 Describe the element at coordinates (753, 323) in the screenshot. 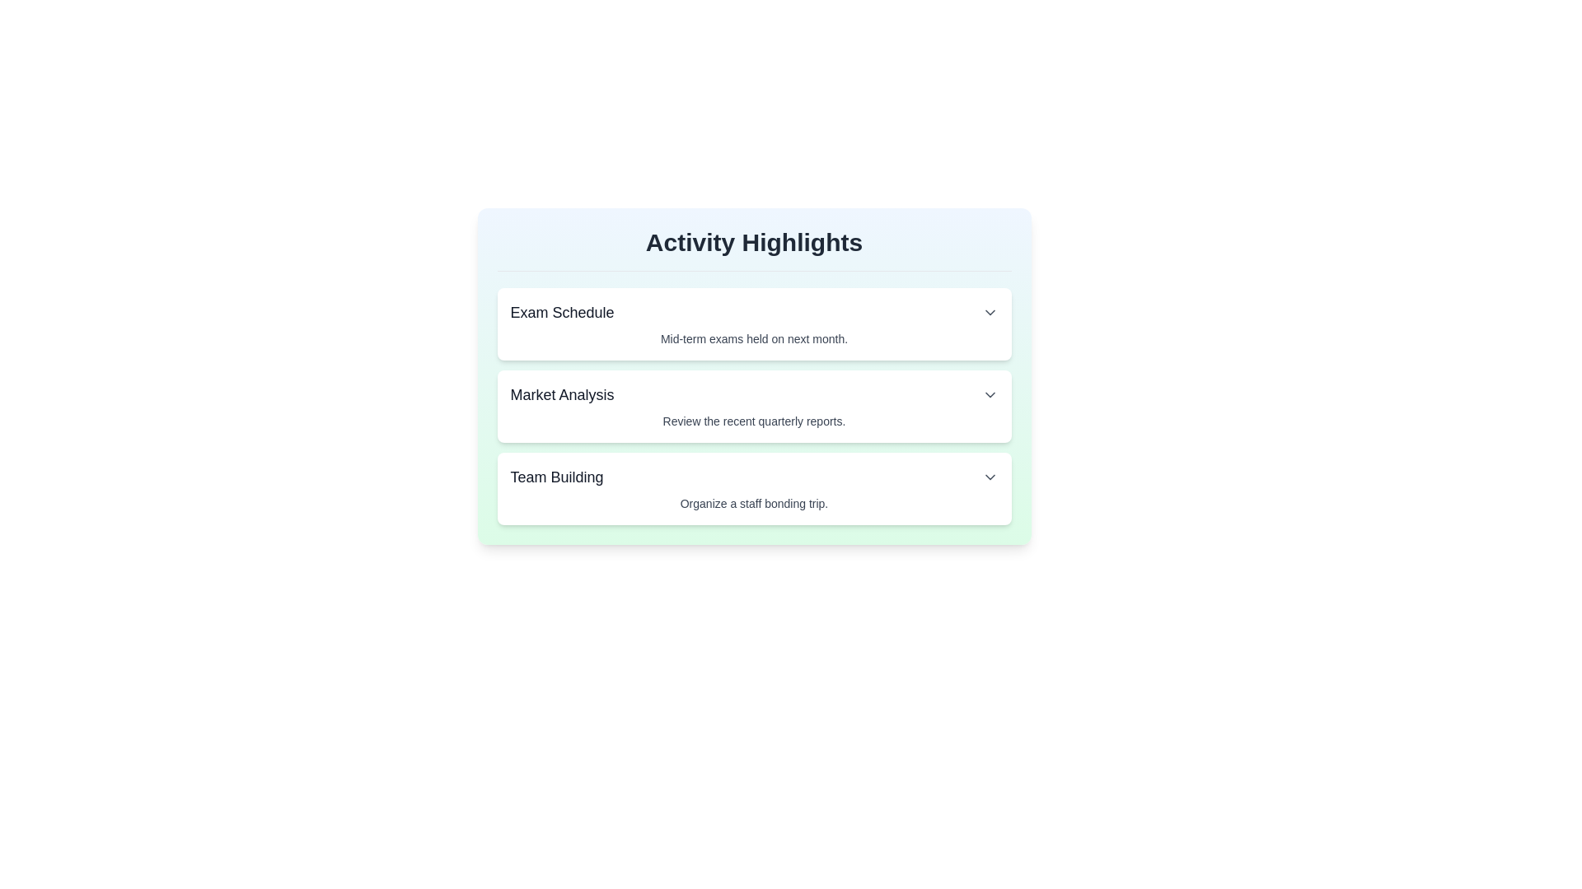

I see `the item titled Exam Schedule` at that location.